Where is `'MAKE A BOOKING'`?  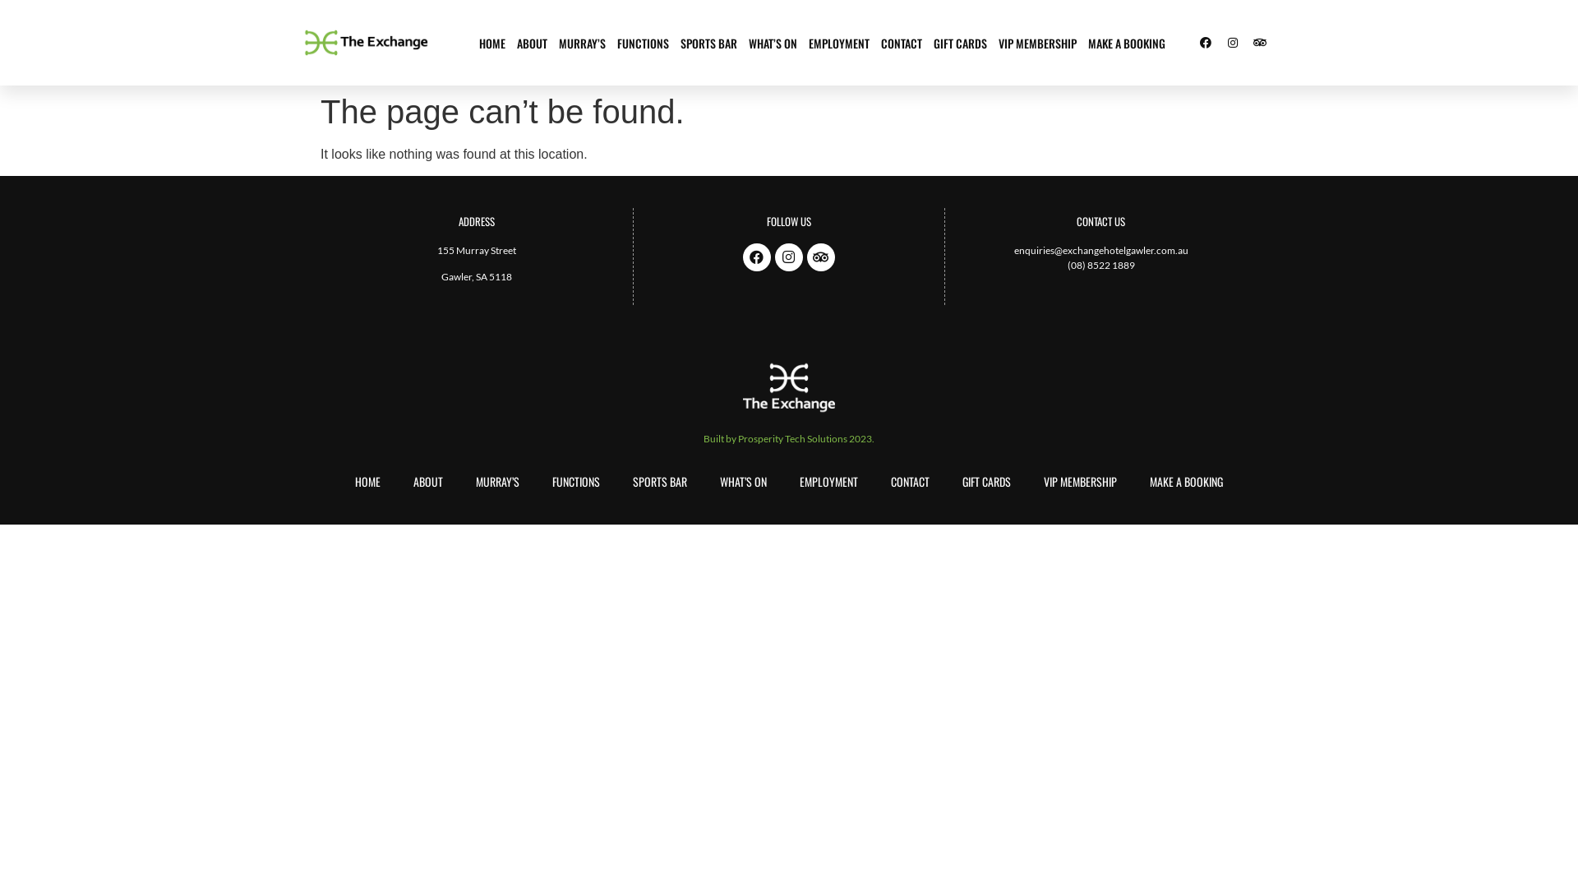
'MAKE A BOOKING' is located at coordinates (1186, 481).